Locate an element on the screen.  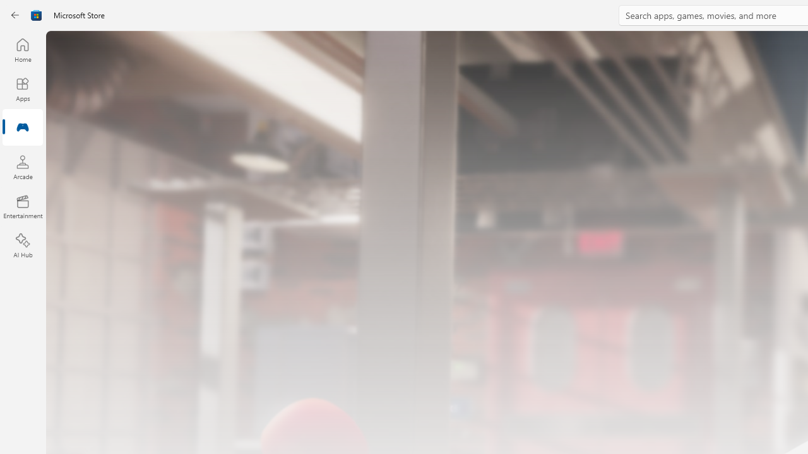
'Gaming' is located at coordinates (22, 128).